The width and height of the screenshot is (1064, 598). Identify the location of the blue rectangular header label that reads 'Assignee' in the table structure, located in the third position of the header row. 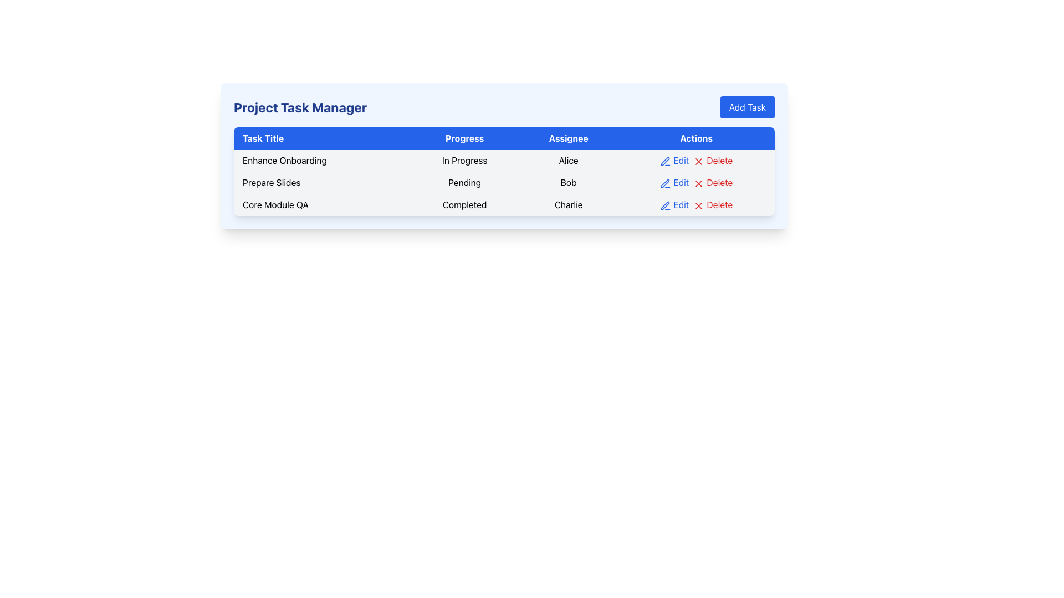
(569, 138).